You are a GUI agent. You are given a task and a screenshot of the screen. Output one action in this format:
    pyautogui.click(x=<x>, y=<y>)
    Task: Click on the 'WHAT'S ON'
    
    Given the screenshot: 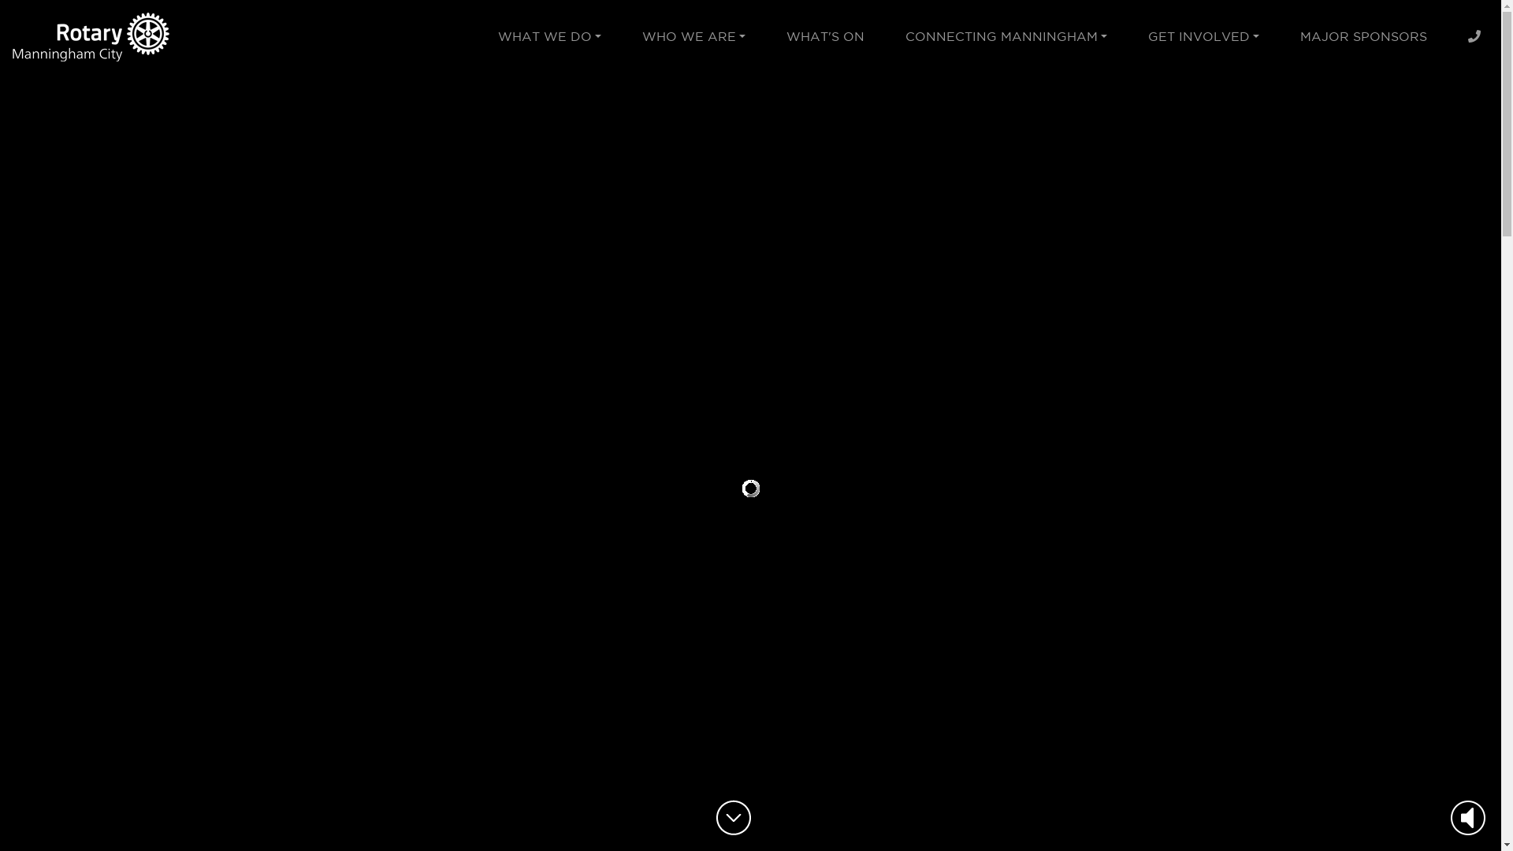 What is the action you would take?
    pyautogui.click(x=824, y=39)
    